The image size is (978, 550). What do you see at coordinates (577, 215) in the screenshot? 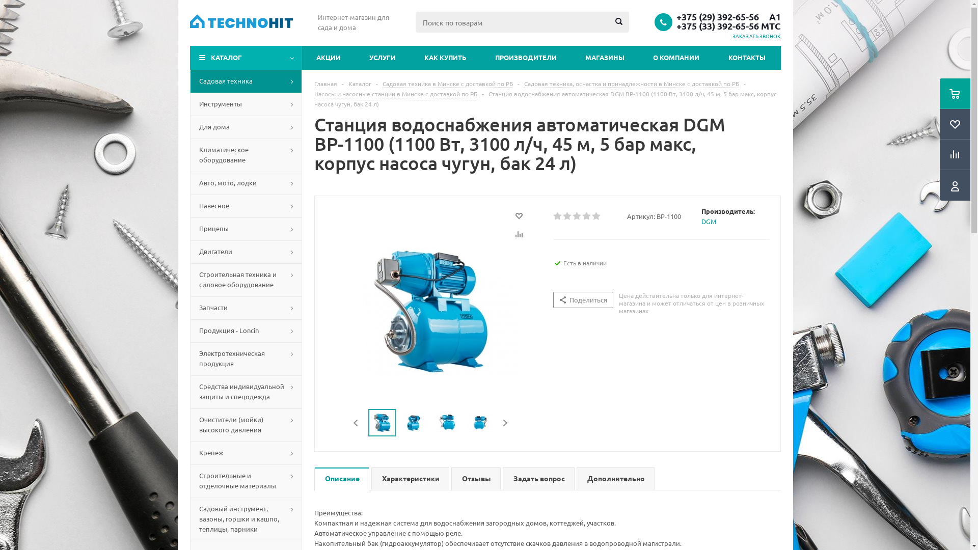
I see `'3'` at bounding box center [577, 215].